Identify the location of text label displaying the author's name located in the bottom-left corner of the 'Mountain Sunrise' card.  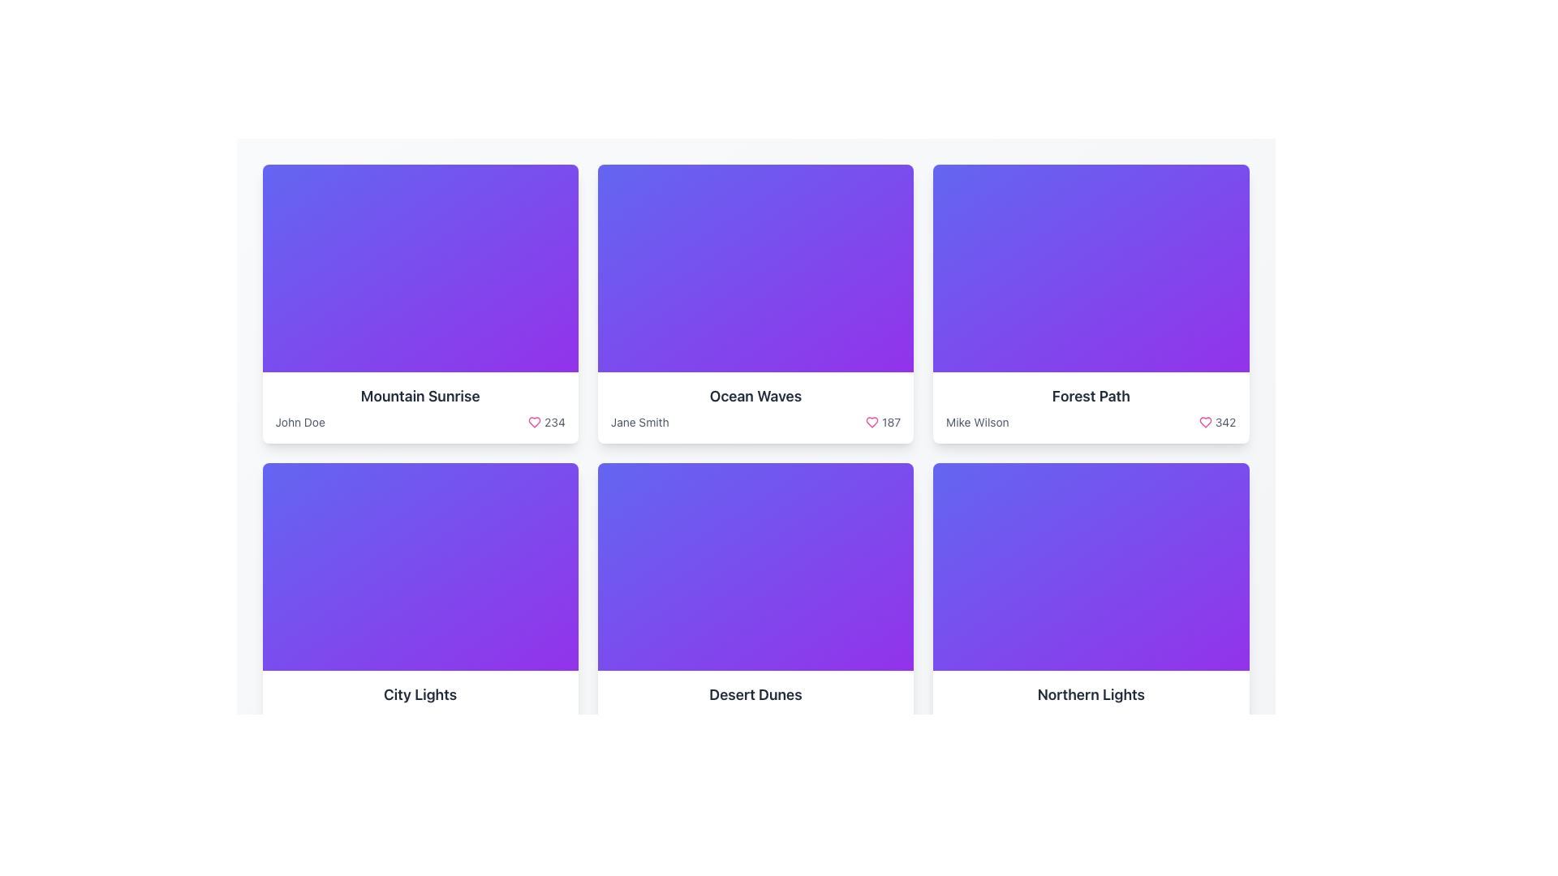
(300, 421).